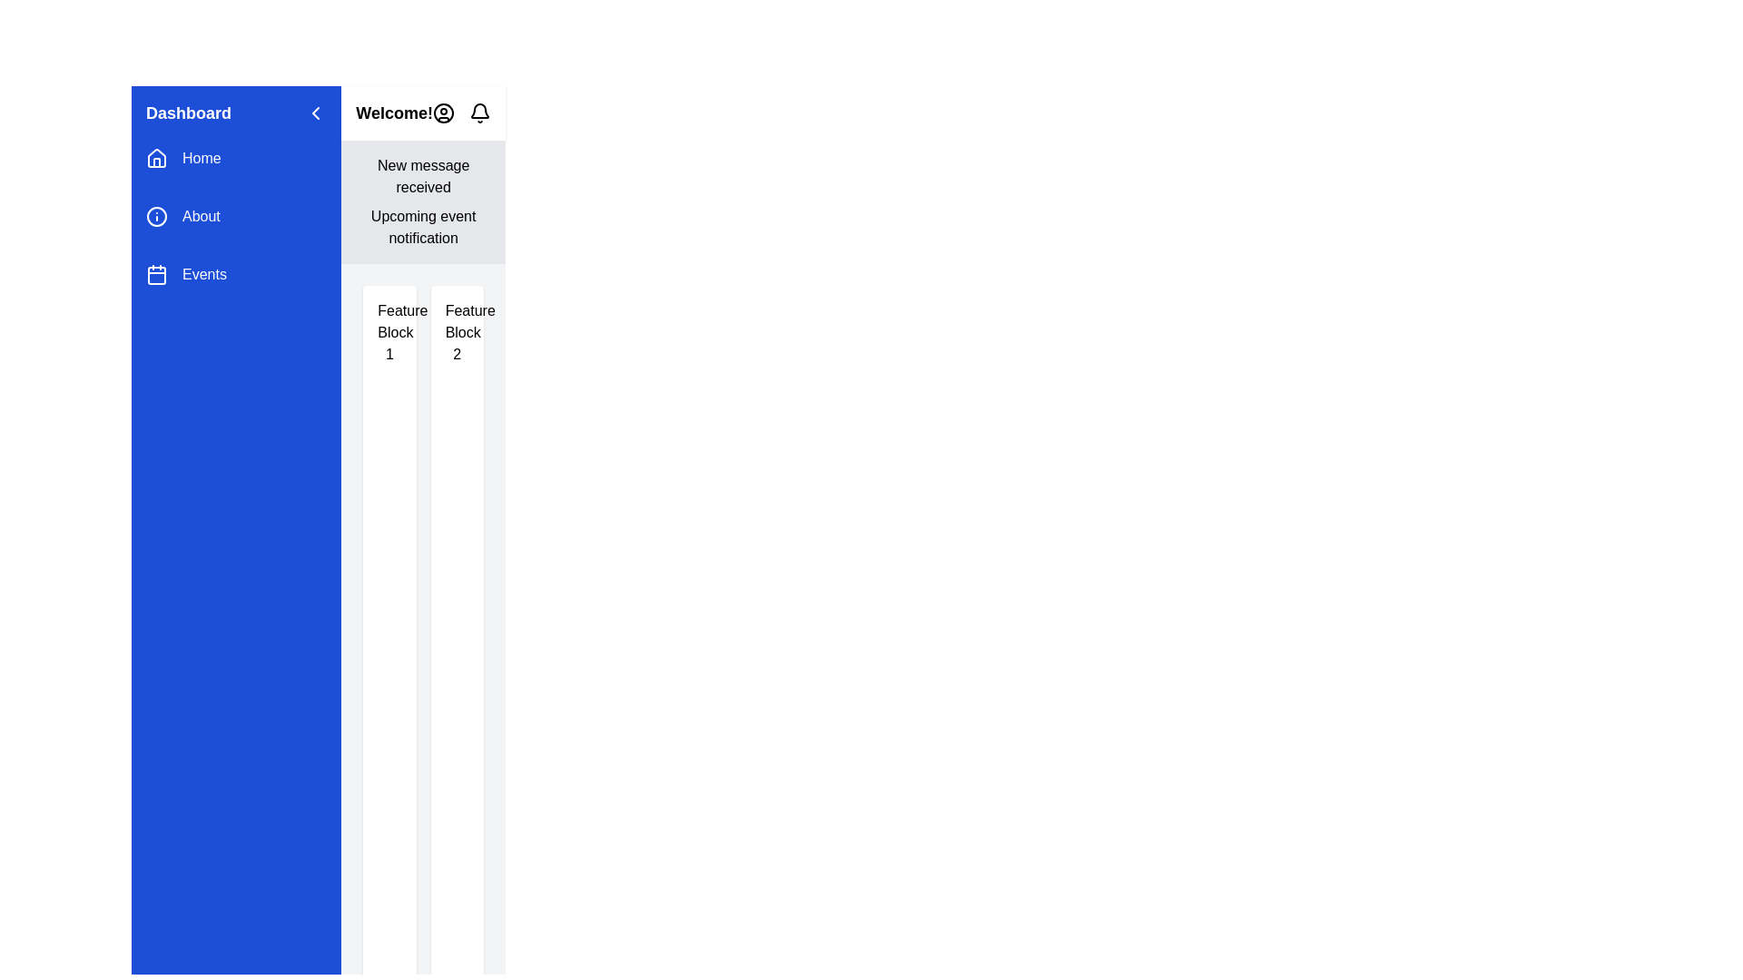  Describe the element at coordinates (156, 162) in the screenshot. I see `the vertical portion of the door in the house icon located in the left sidebar menu next to the 'Home' label` at that location.